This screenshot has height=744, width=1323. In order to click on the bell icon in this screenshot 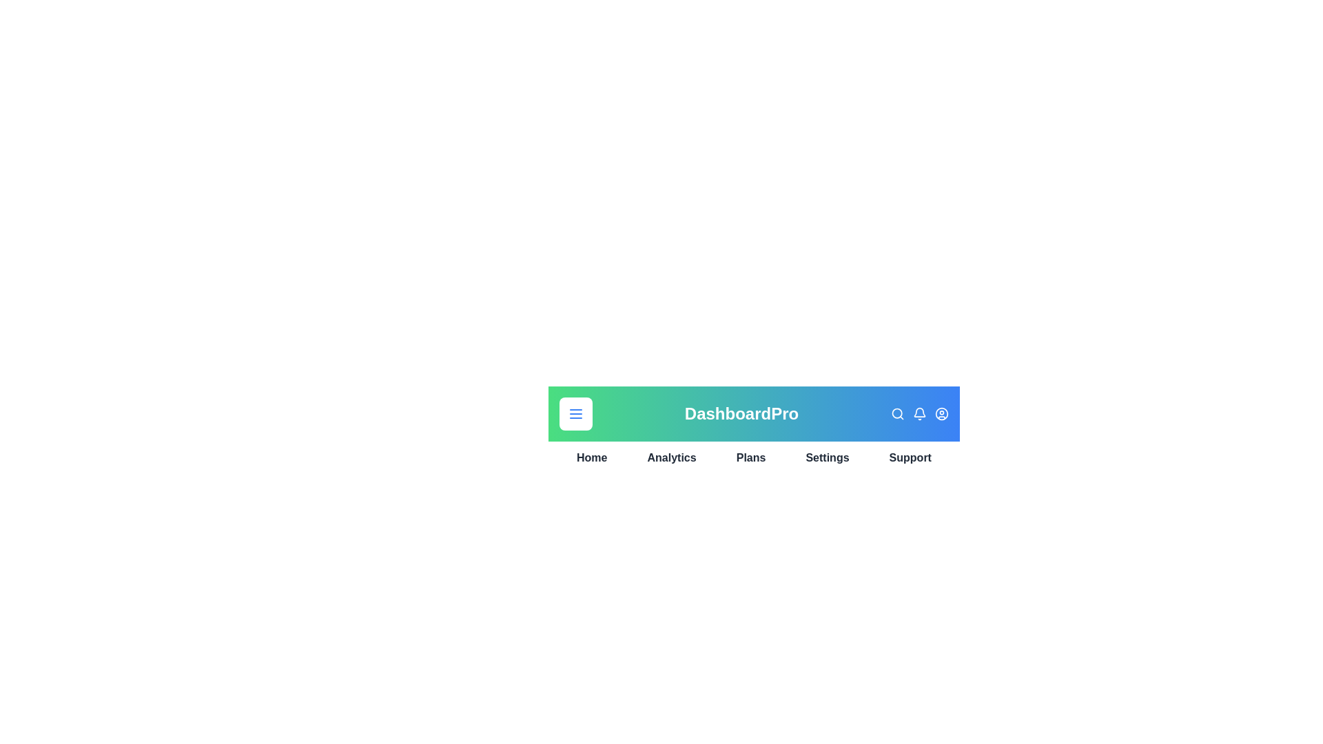, I will do `click(919, 413)`.